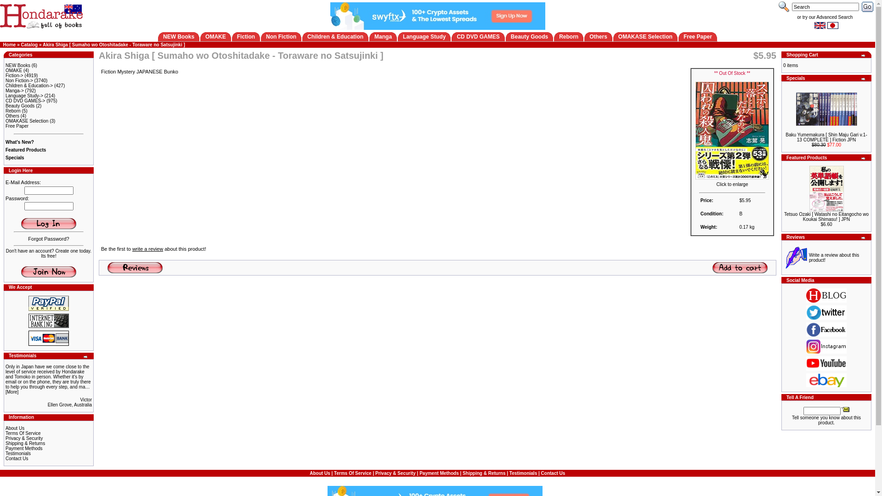  I want to click on 'Write a review about this product!', so click(834, 257).